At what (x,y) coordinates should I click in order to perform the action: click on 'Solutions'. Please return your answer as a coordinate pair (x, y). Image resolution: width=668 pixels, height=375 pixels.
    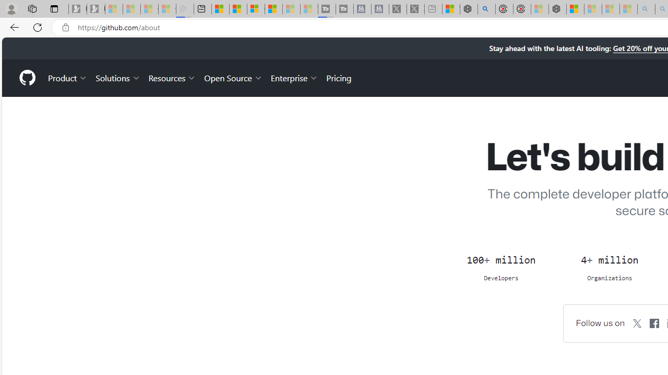
    Looking at the image, I should click on (117, 77).